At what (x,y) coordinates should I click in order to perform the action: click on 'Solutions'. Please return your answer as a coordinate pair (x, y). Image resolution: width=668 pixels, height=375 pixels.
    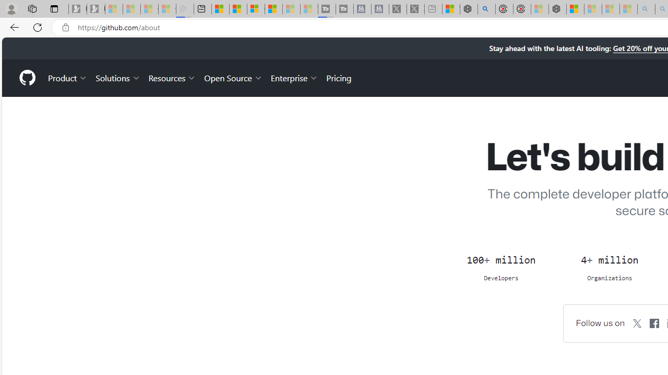
    Looking at the image, I should click on (117, 77).